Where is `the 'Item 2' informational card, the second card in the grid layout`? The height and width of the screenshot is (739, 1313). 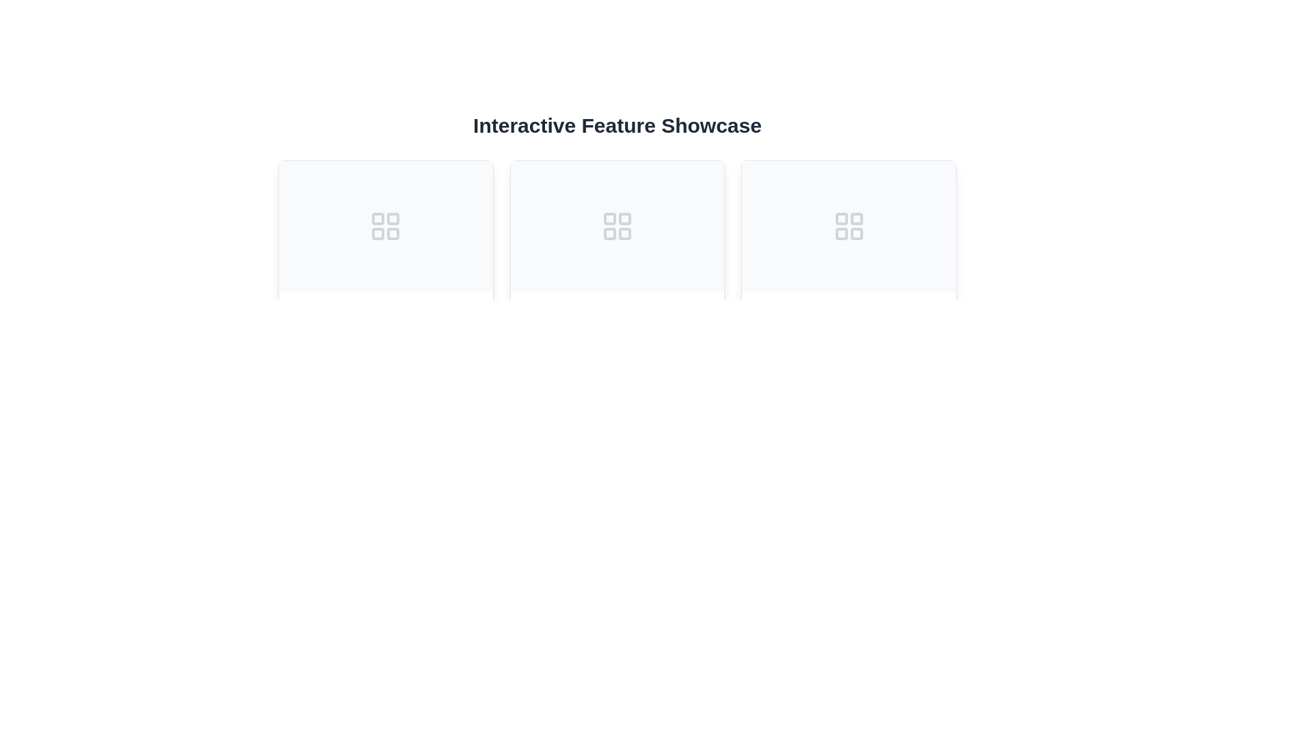
the 'Item 2' informational card, the second card in the grid layout is located at coordinates (616, 284).